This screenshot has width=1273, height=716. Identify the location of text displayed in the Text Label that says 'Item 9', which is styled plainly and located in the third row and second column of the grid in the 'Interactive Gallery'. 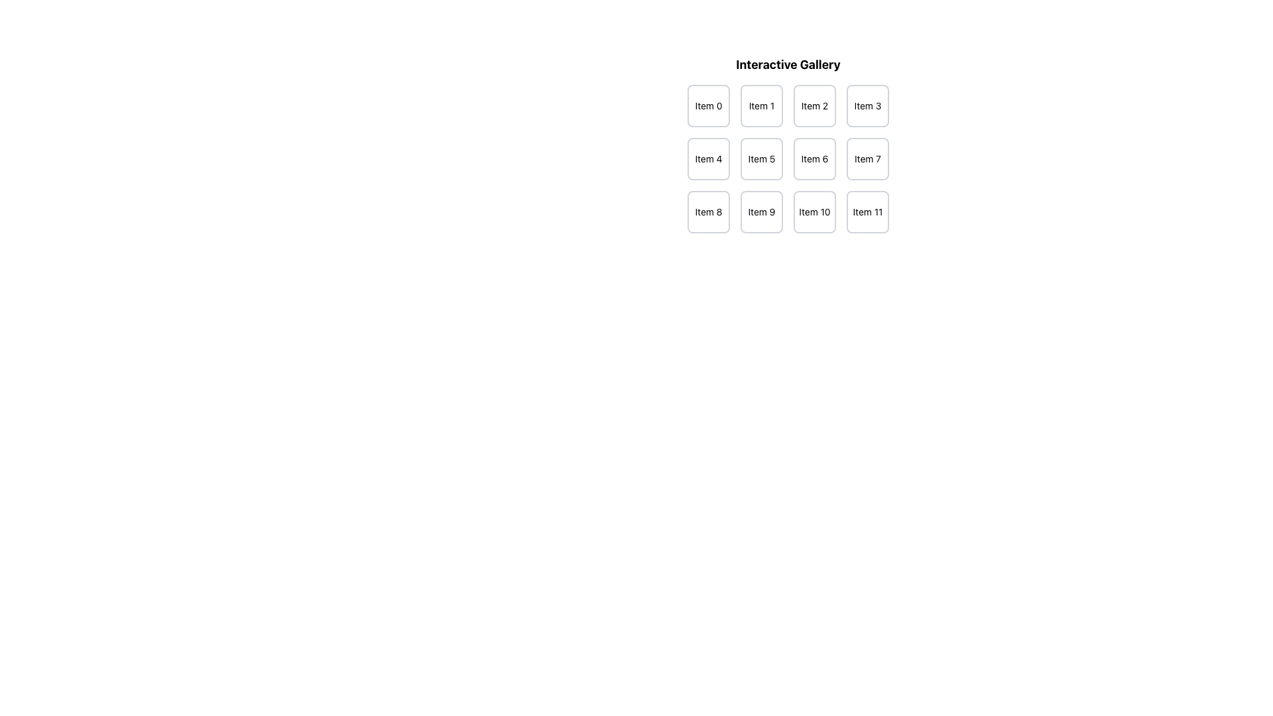
(761, 211).